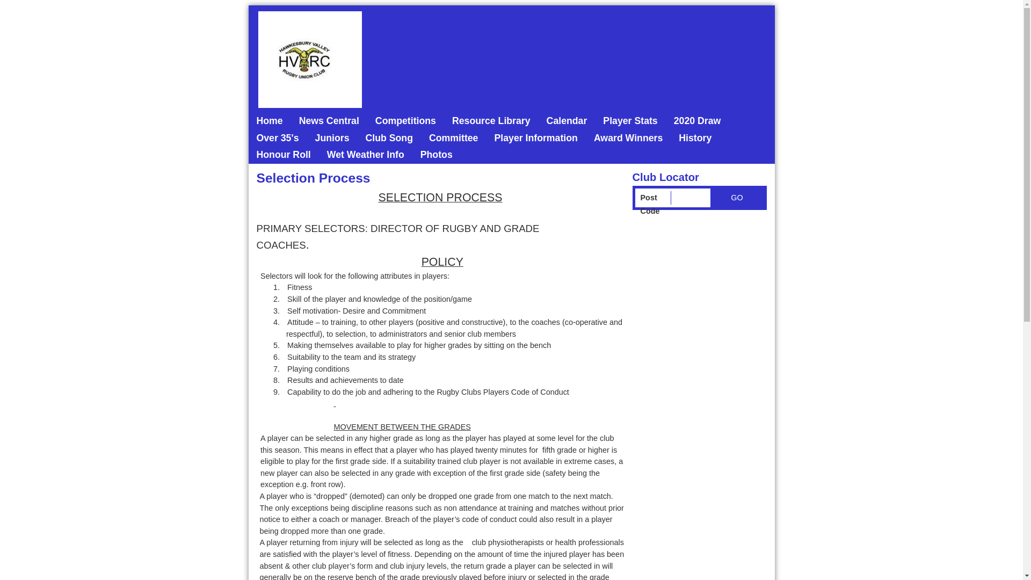  I want to click on 'Player Information', so click(535, 138).